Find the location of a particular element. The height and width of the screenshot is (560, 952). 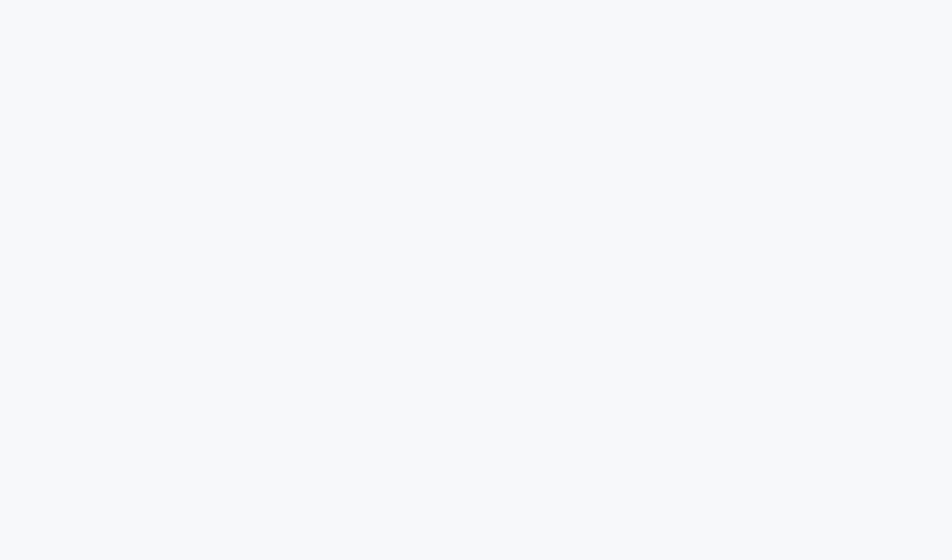

'Here' is located at coordinates (115, 109).